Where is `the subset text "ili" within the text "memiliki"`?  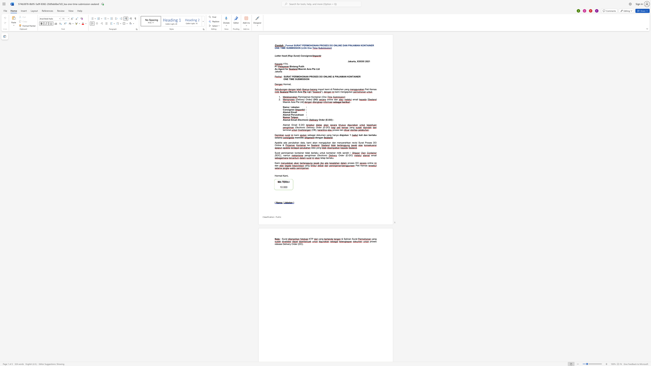 the subset text "ili" within the text "memiliki" is located at coordinates (300, 137).